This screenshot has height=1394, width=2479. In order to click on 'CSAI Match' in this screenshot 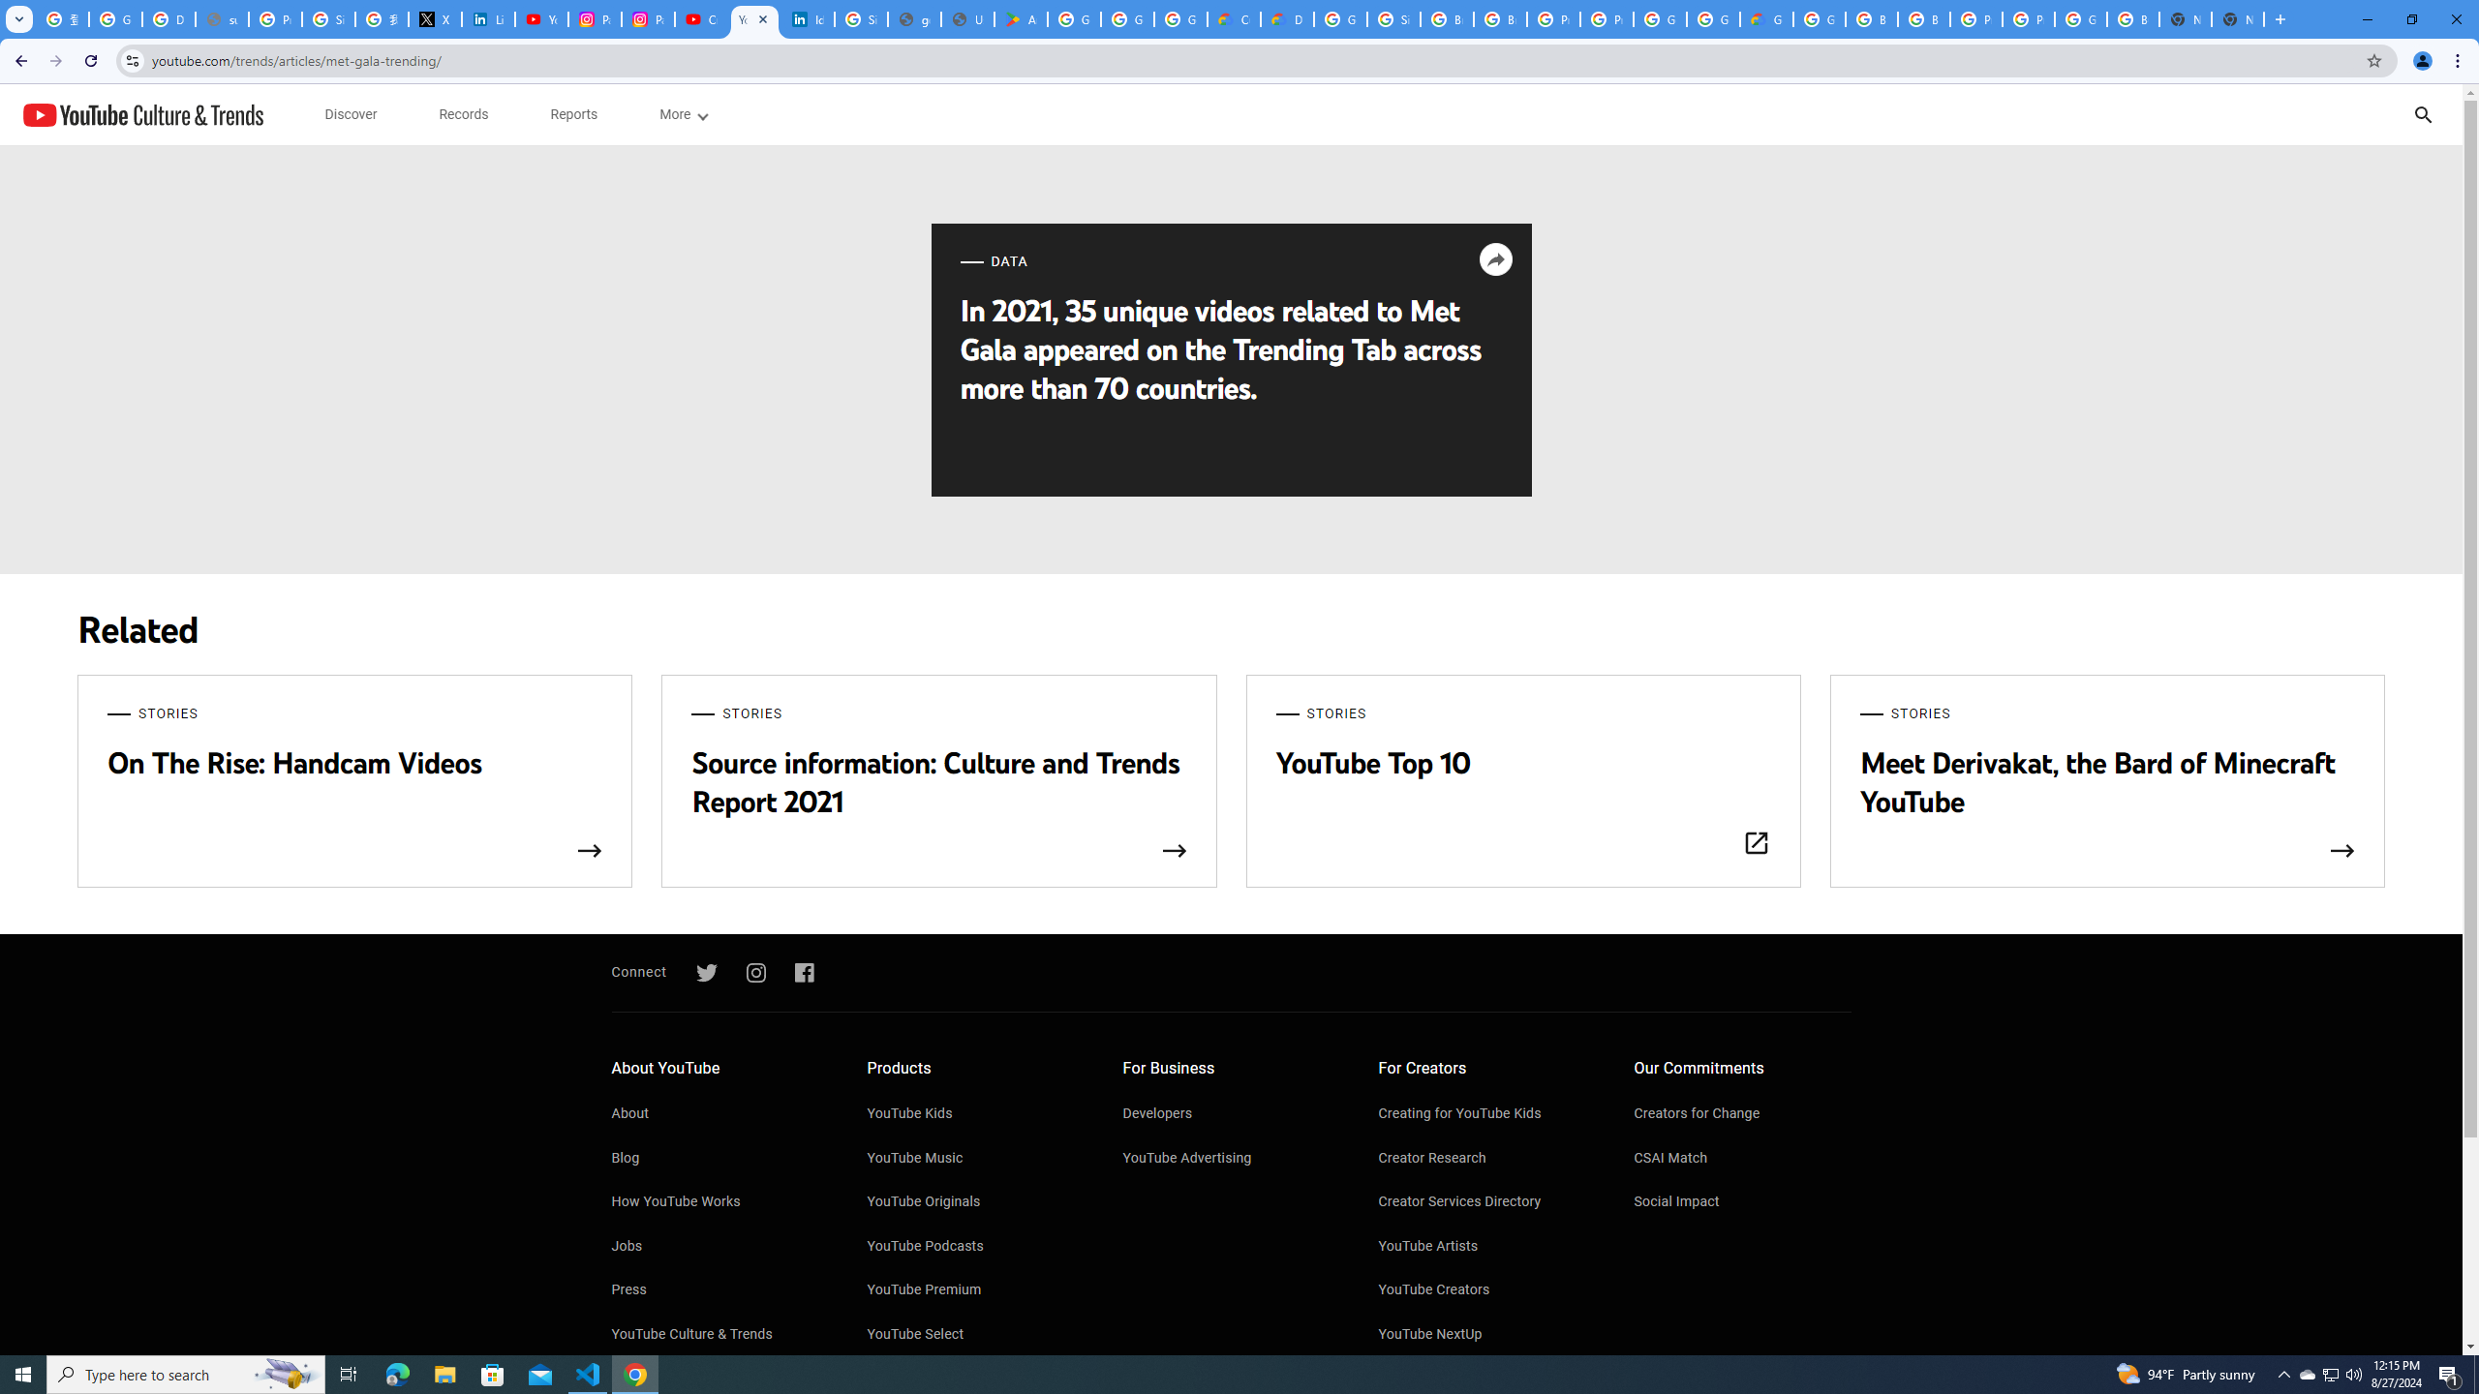, I will do `click(1741, 1160)`.